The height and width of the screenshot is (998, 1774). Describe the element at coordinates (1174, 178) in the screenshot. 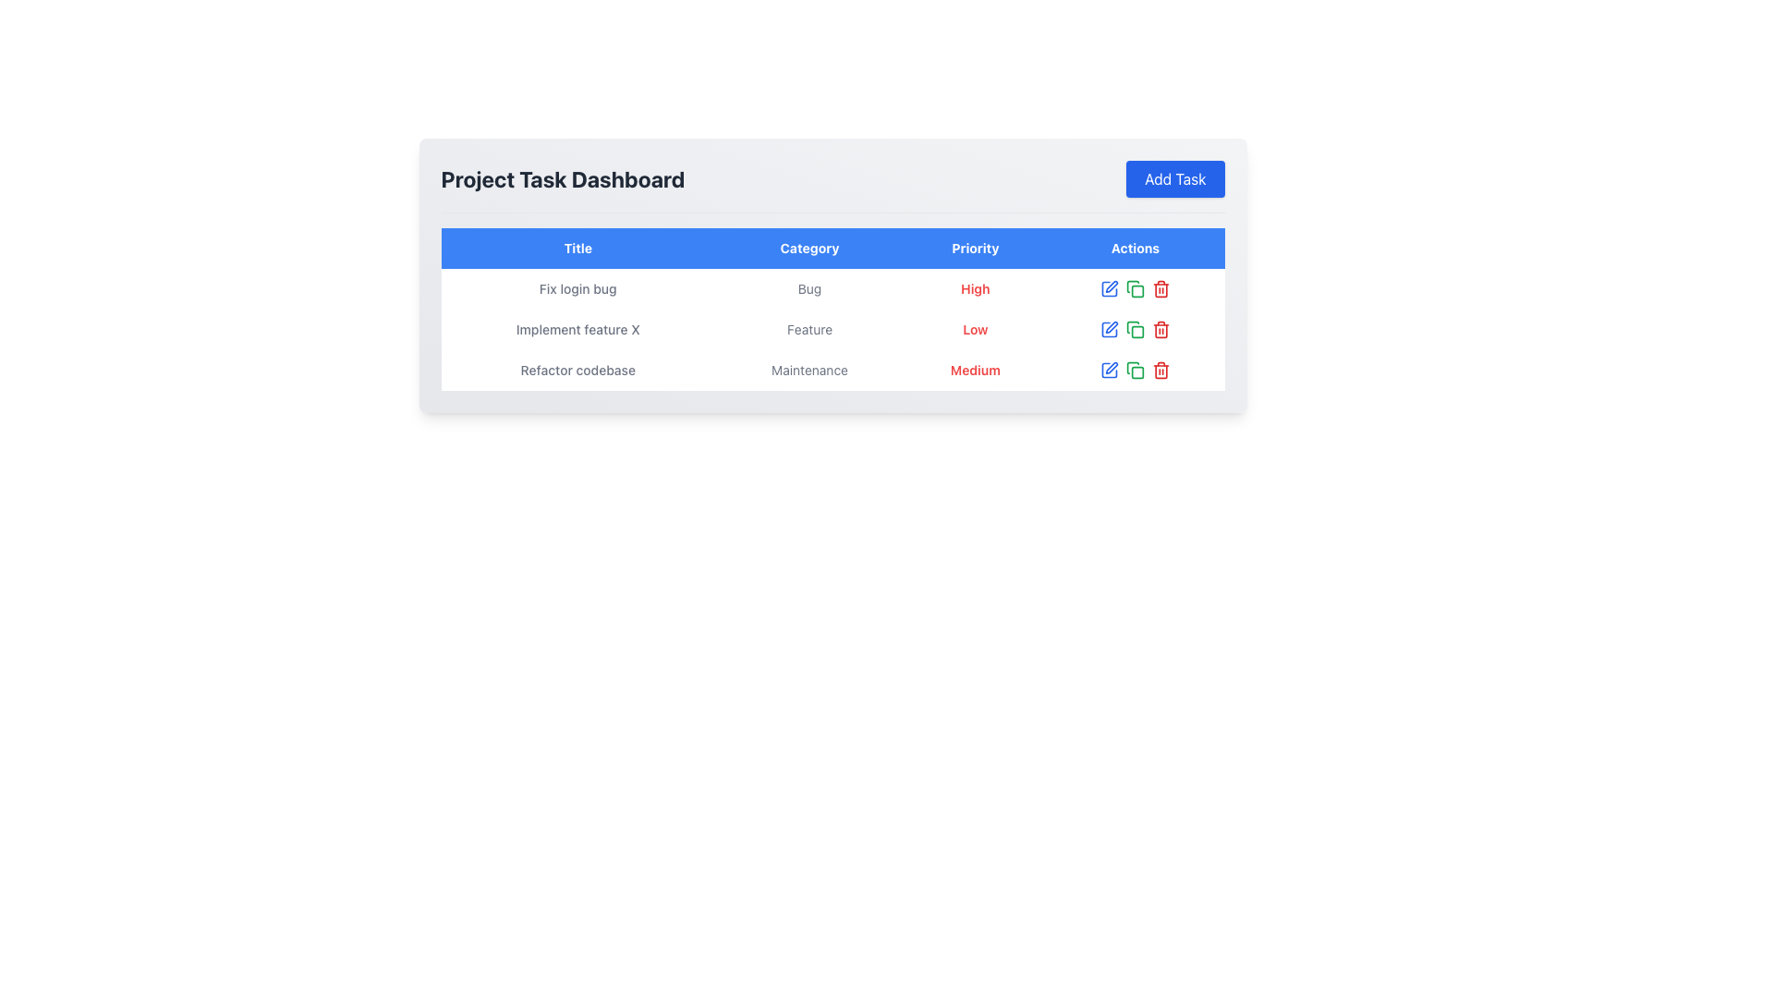

I see `the interactive button located in the top-right corner of the 'Project Task Dashboard' section` at that location.